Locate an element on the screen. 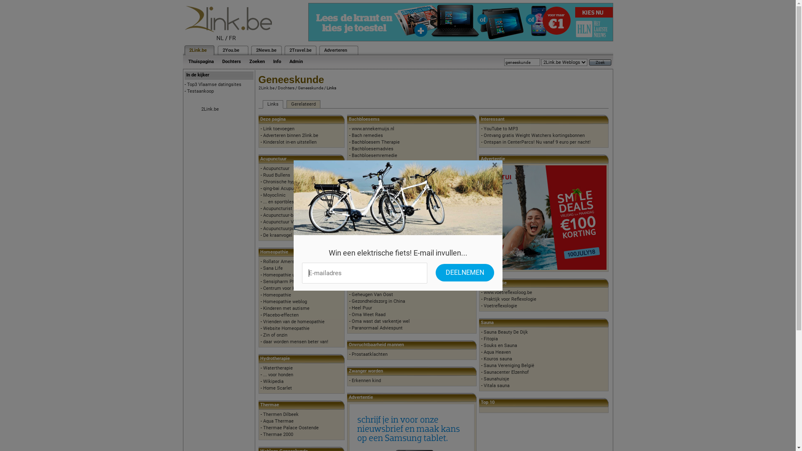 This screenshot has height=451, width=802. 'www.voetreflexoloog.be' is located at coordinates (507, 292).